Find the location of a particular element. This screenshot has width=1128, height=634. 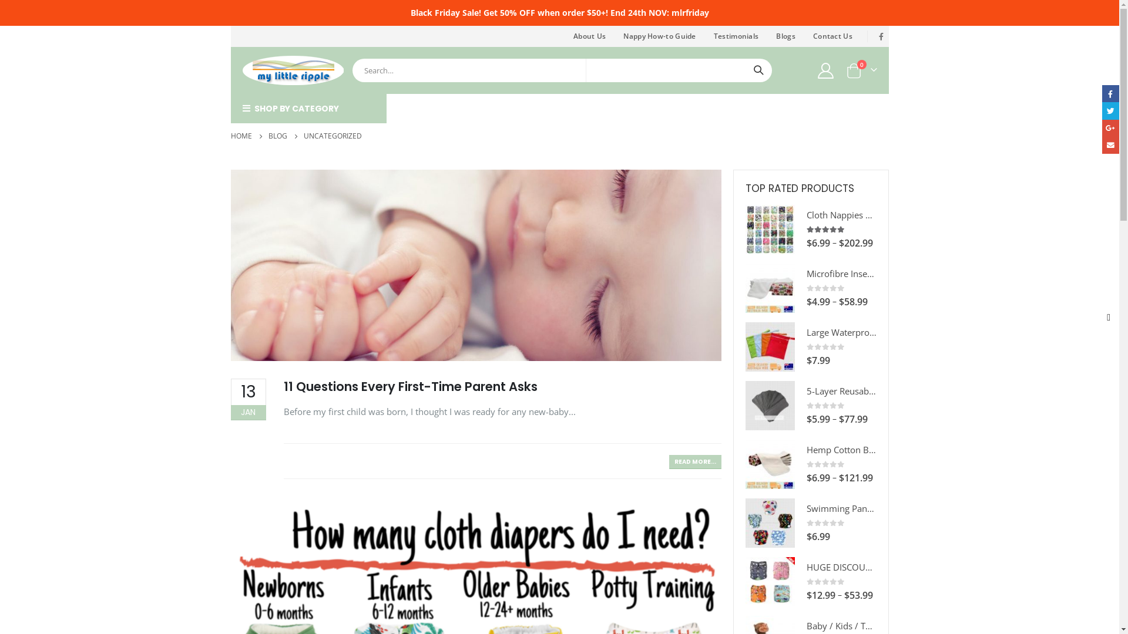

'Swimming Pants for Babies - Washable Adjustable' is located at coordinates (840, 508).